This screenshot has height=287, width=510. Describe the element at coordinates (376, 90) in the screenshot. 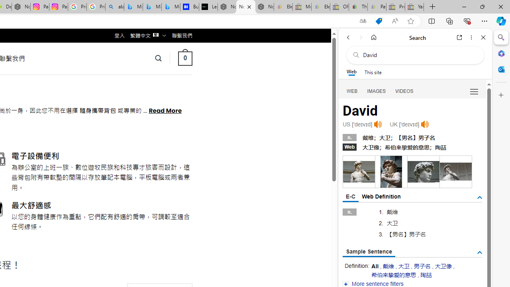

I see `'IMAGES'` at that location.